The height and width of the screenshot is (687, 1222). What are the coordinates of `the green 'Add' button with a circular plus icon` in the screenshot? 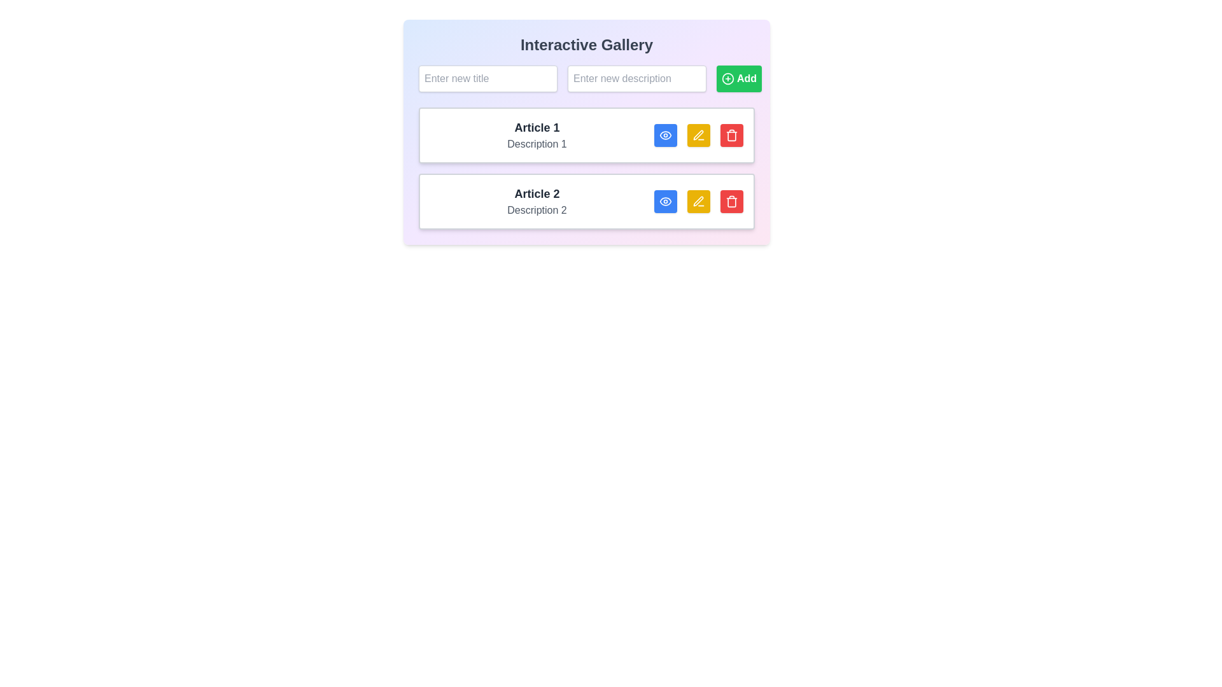 It's located at (739, 78).